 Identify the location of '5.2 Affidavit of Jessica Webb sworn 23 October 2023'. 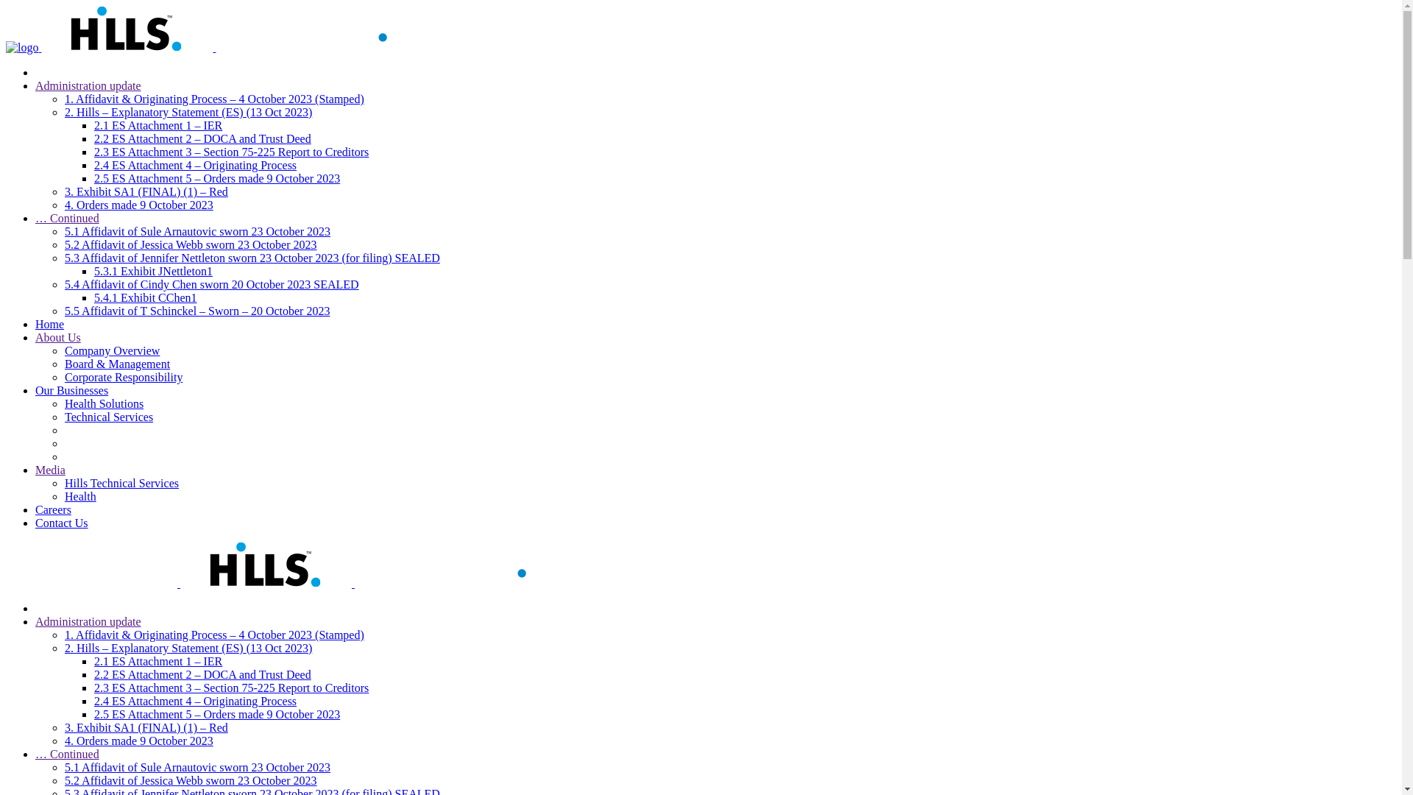
(63, 780).